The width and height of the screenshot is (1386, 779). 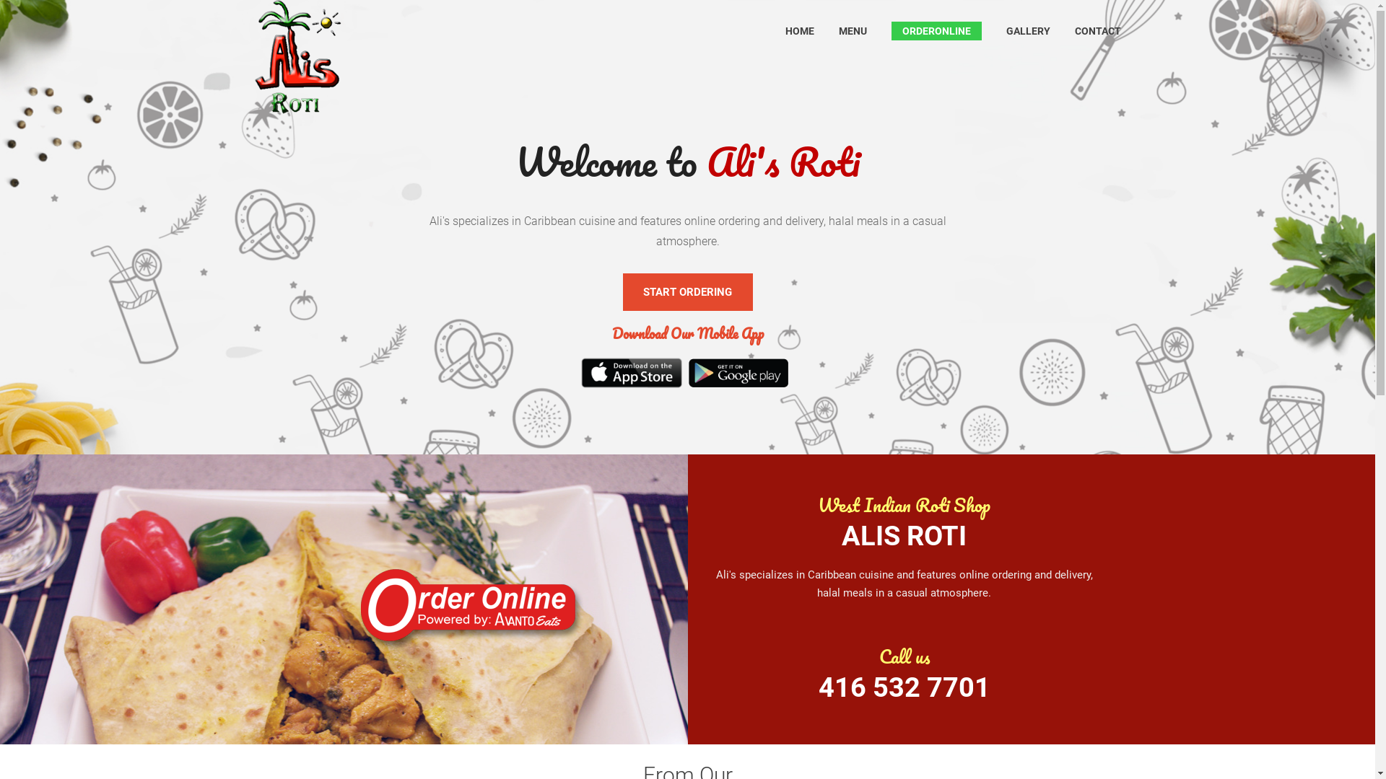 What do you see at coordinates (799, 30) in the screenshot?
I see `'HOME'` at bounding box center [799, 30].